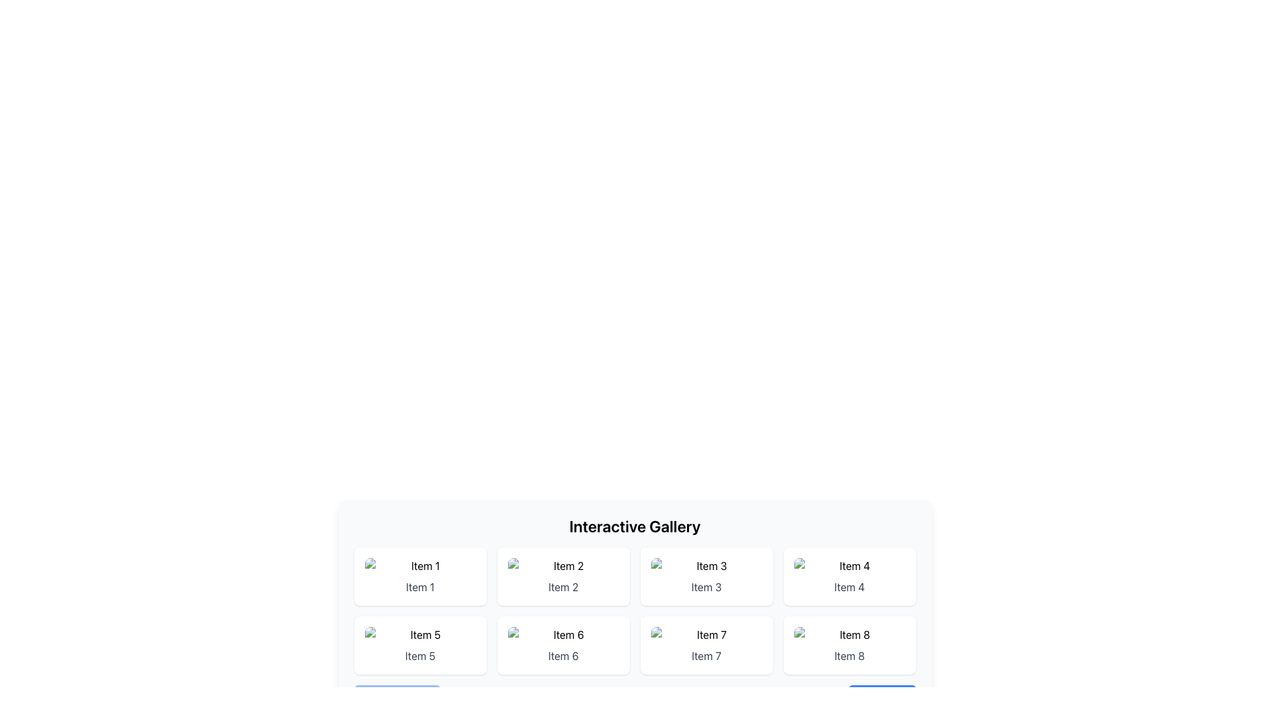  I want to click on the entire area of the Card component displaying the label 'Item 7' located in the second row, third column of the grid layout for selection, so click(706, 645).